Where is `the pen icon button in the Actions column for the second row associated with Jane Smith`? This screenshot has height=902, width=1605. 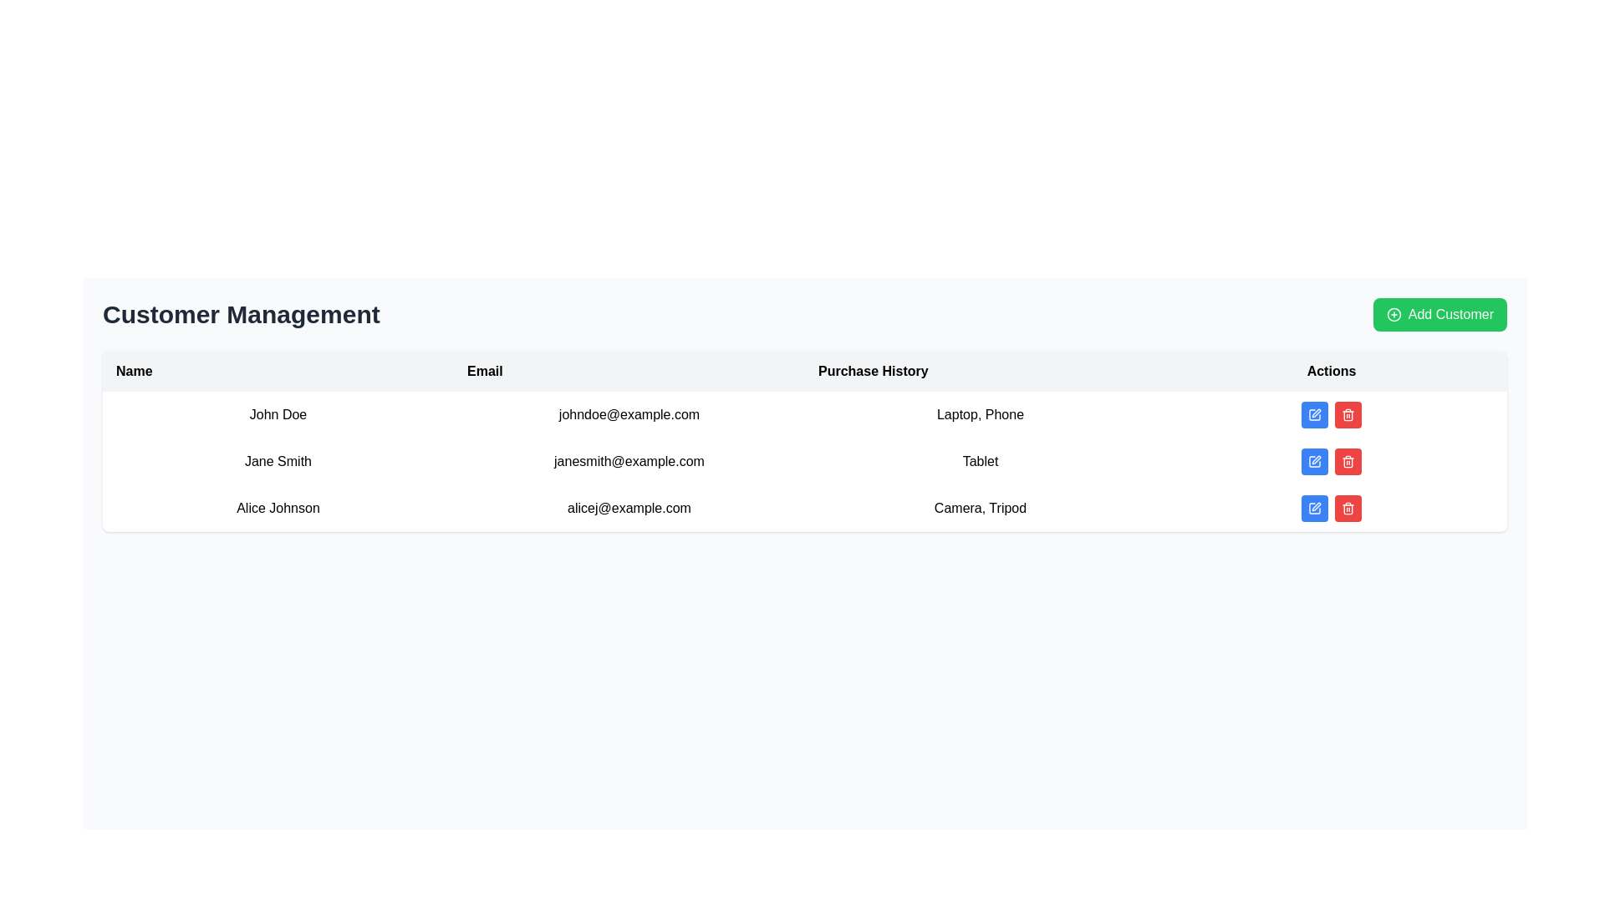 the pen icon button in the Actions column for the second row associated with Jane Smith is located at coordinates (1314, 461).